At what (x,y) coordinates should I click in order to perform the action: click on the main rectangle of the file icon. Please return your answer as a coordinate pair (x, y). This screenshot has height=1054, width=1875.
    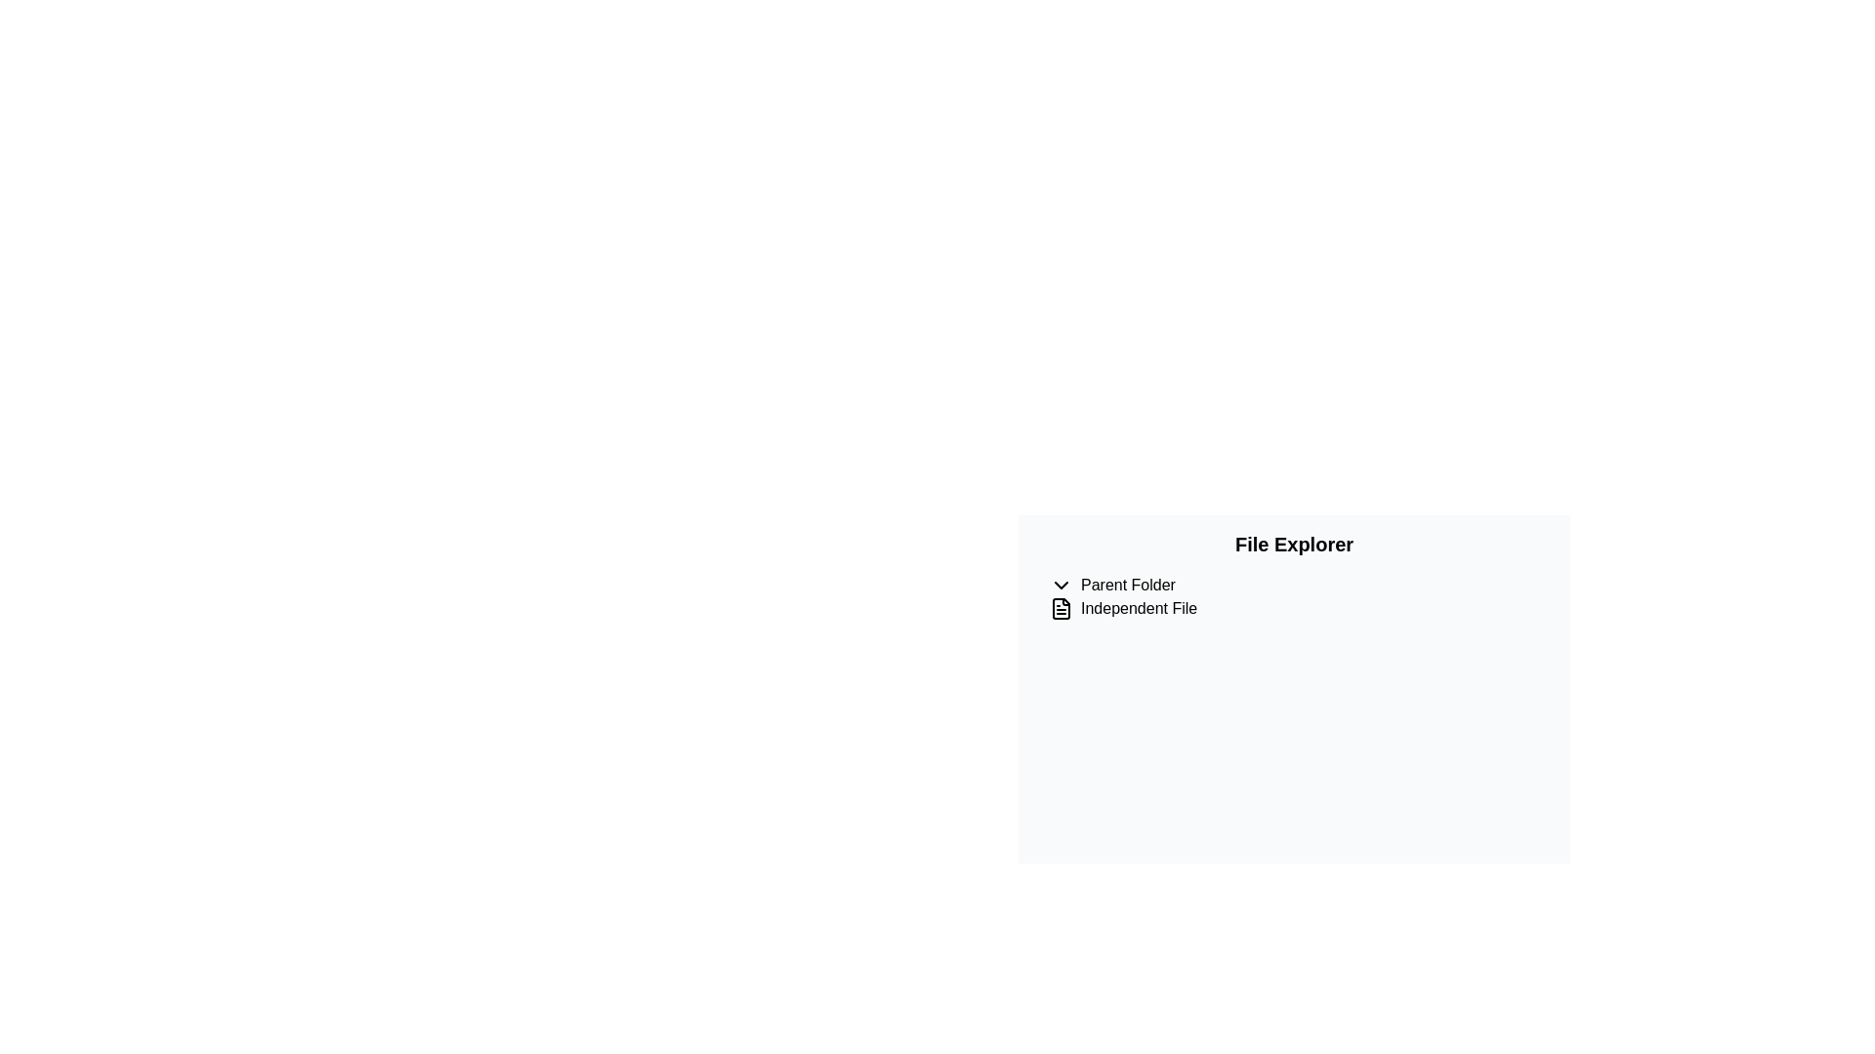
    Looking at the image, I should click on (1060, 608).